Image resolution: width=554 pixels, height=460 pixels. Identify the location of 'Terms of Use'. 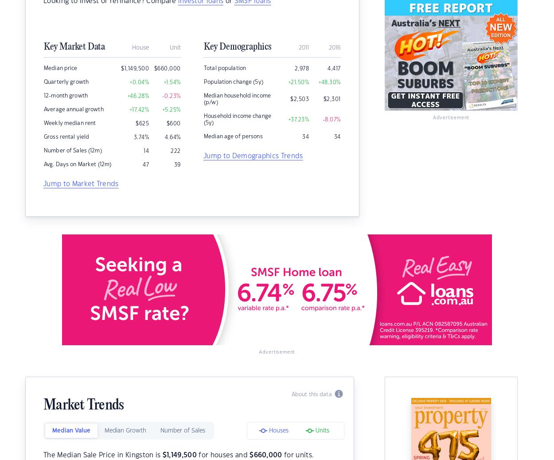
(304, 324).